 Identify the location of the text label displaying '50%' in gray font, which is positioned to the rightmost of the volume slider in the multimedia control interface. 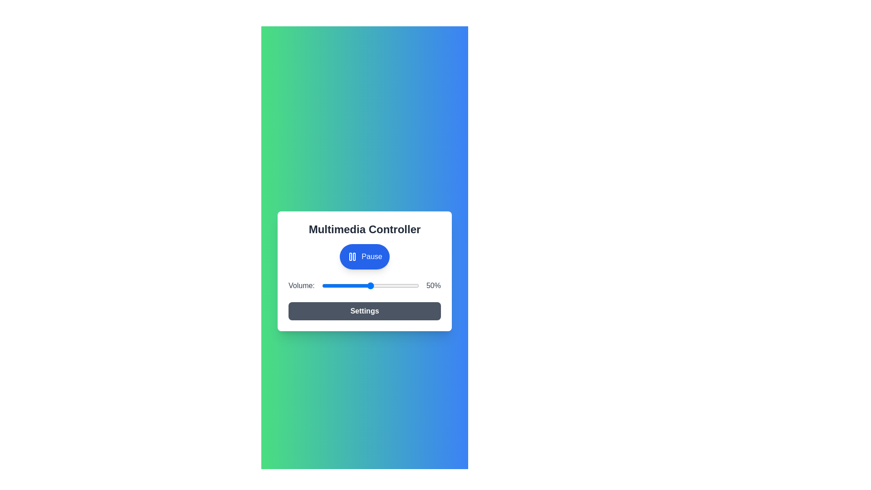
(433, 285).